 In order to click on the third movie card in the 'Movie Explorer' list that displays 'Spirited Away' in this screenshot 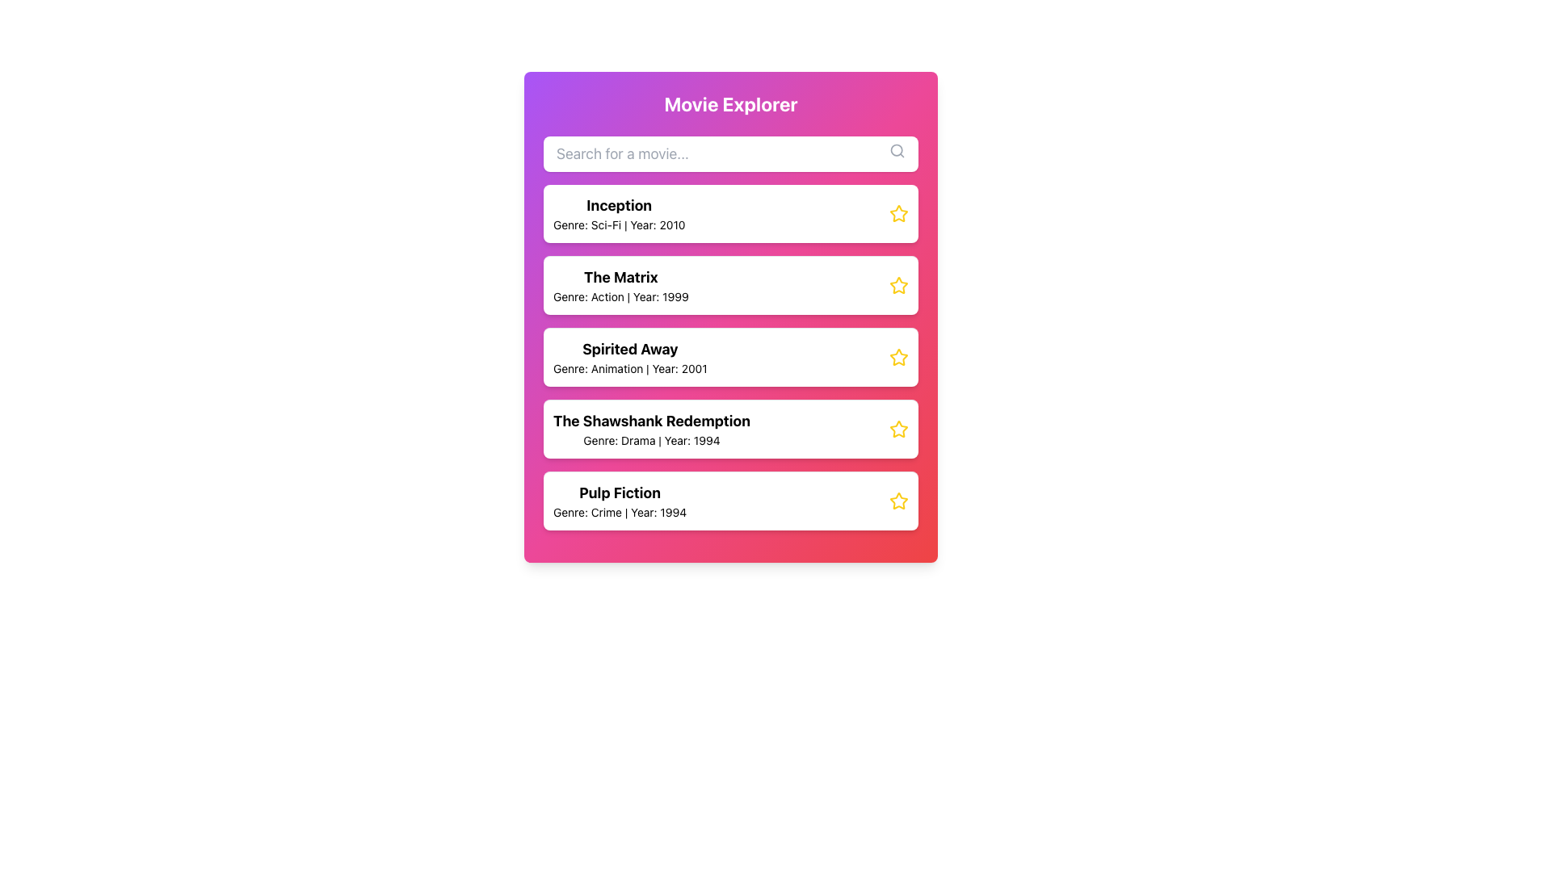, I will do `click(730, 357)`.